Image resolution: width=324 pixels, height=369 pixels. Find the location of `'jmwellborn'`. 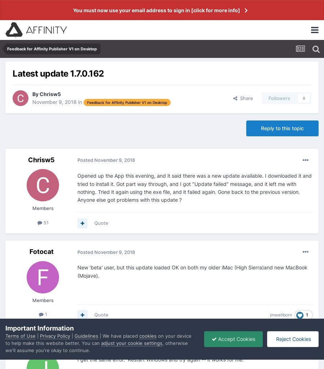

'jmwellborn' is located at coordinates (280, 314).